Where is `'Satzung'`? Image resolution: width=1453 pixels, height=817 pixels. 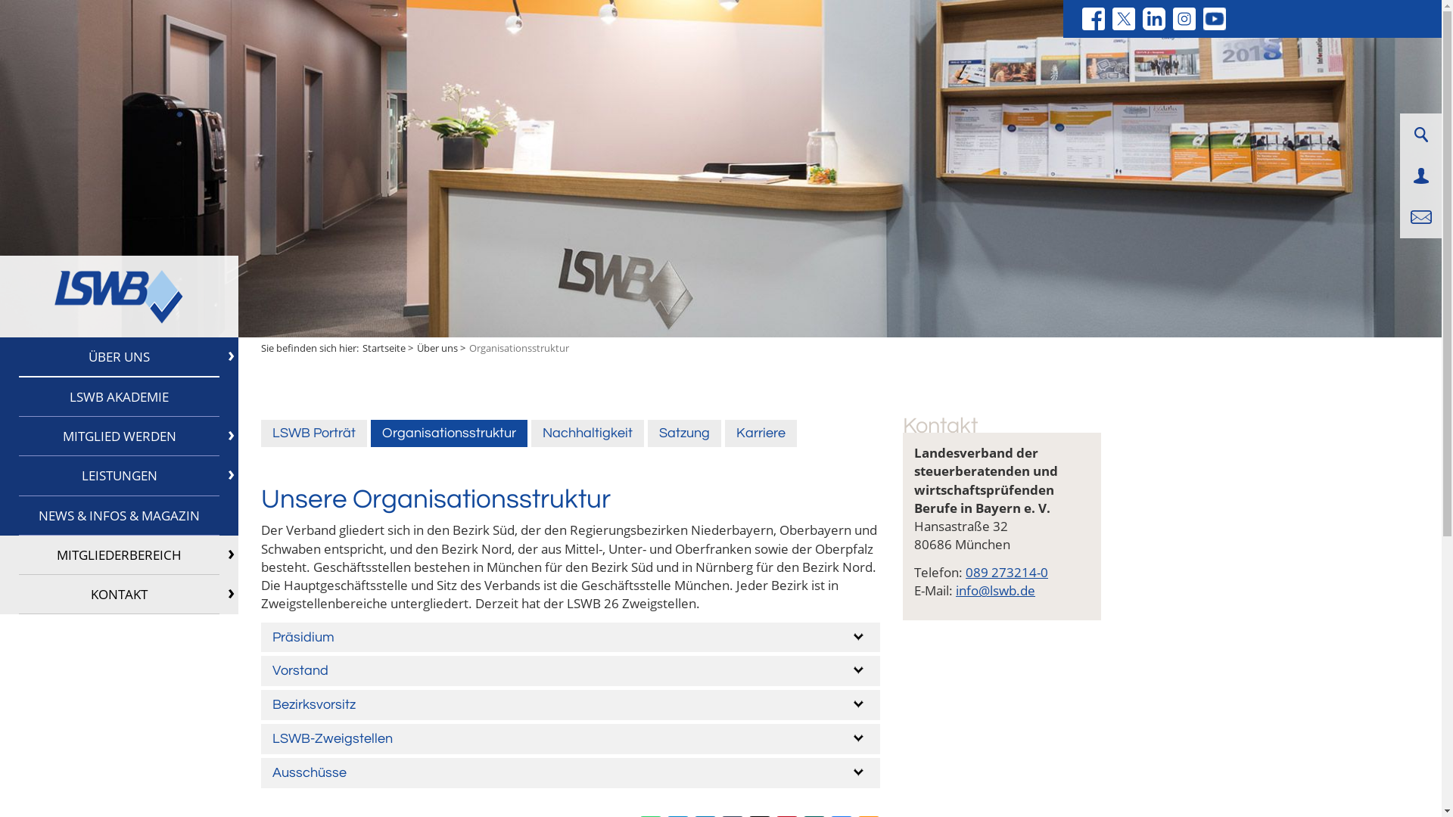 'Satzung' is located at coordinates (683, 433).